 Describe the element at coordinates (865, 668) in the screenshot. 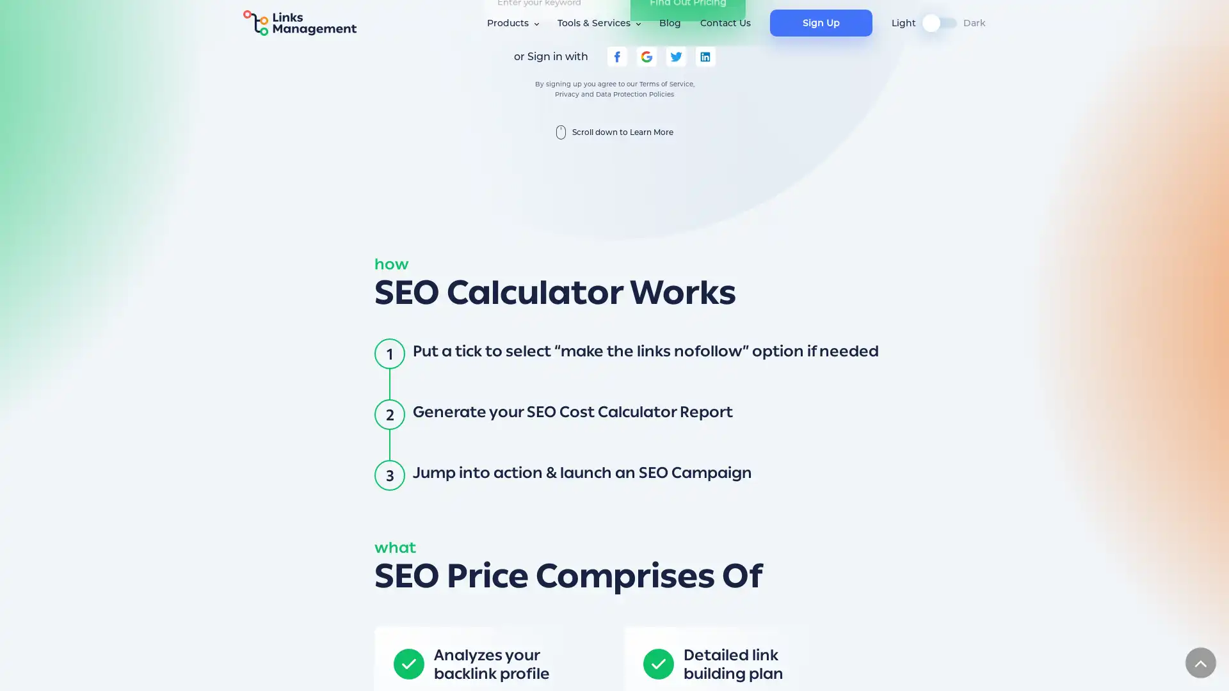

I see `Got It!` at that location.